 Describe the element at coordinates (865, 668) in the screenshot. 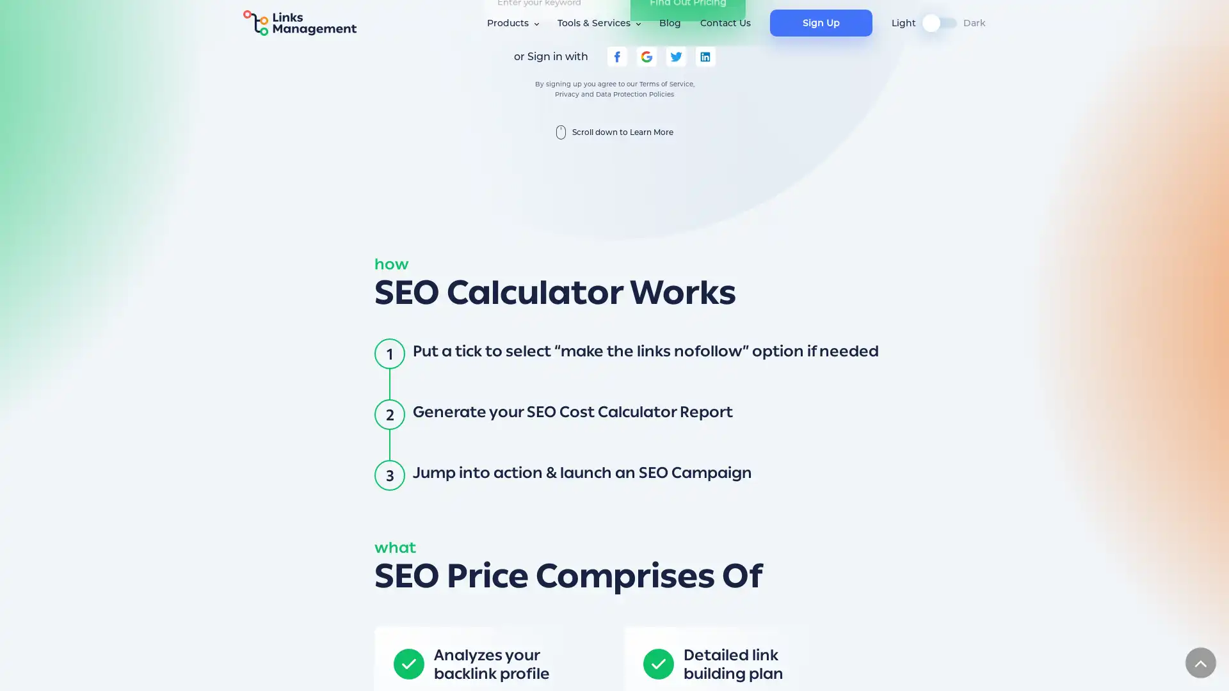

I see `Got It!` at that location.